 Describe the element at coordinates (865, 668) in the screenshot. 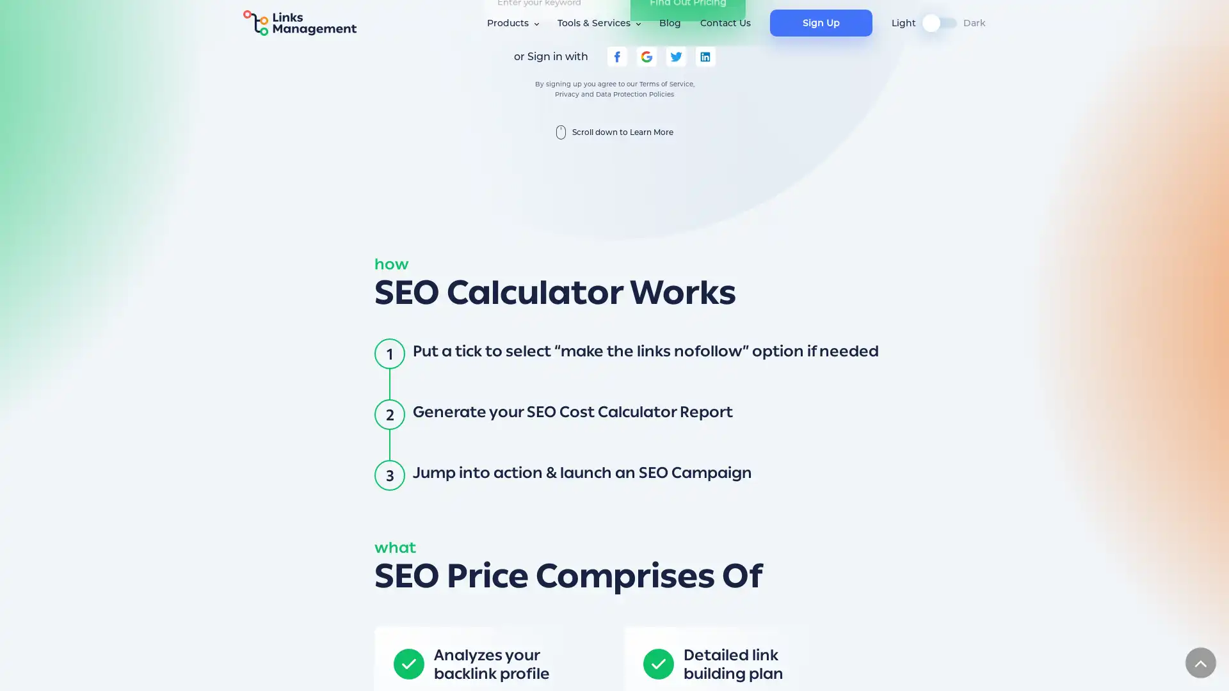

I see `Got It!` at that location.